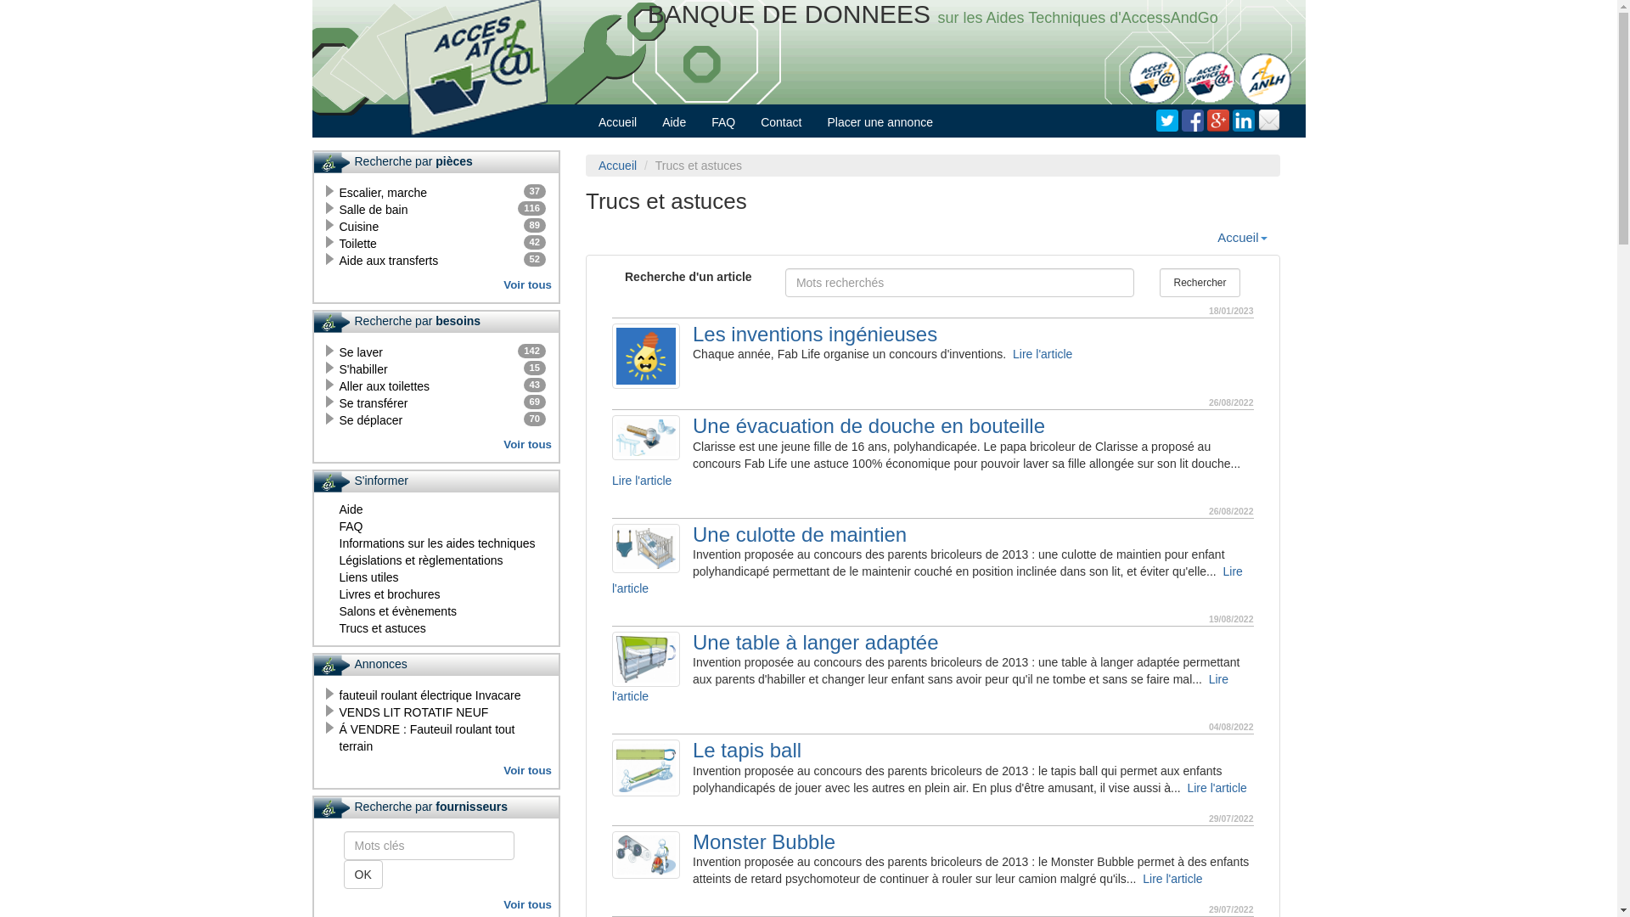 This screenshot has width=1630, height=917. Describe the element at coordinates (339, 208) in the screenshot. I see `'116` at that location.